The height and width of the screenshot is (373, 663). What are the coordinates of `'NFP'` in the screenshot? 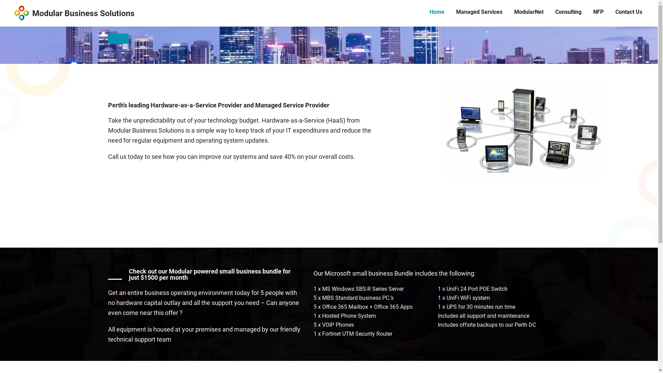 It's located at (588, 12).